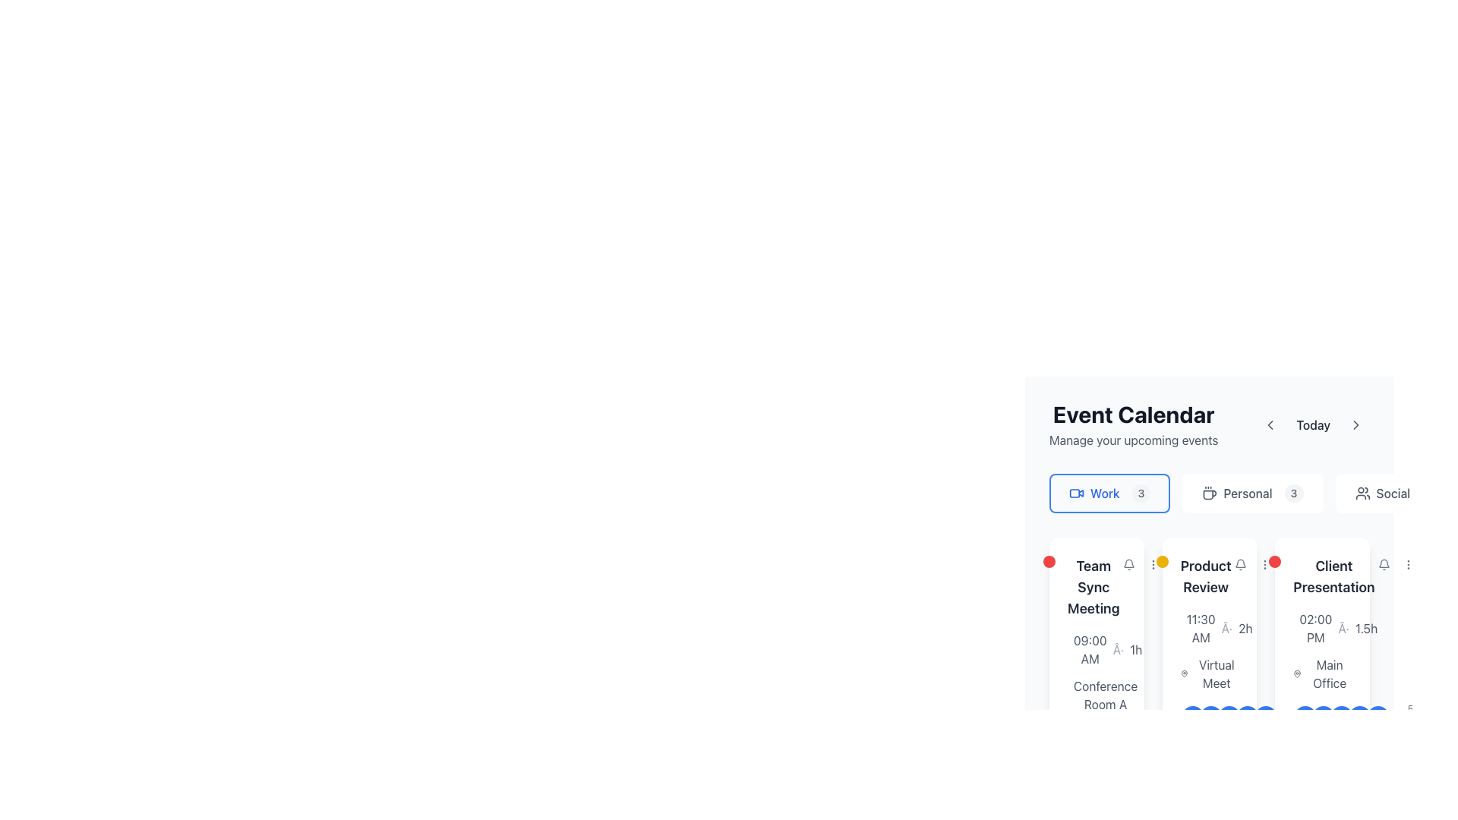  What do you see at coordinates (1093, 587) in the screenshot?
I see `the 'Team Sync Meeting' text label displayed in bold and large dark gray font` at bounding box center [1093, 587].